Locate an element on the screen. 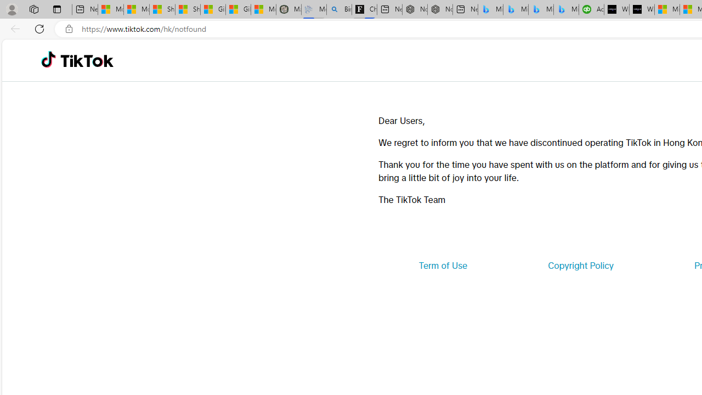 Image resolution: width=702 pixels, height=395 pixels. 'TikTok' is located at coordinates (86, 60).